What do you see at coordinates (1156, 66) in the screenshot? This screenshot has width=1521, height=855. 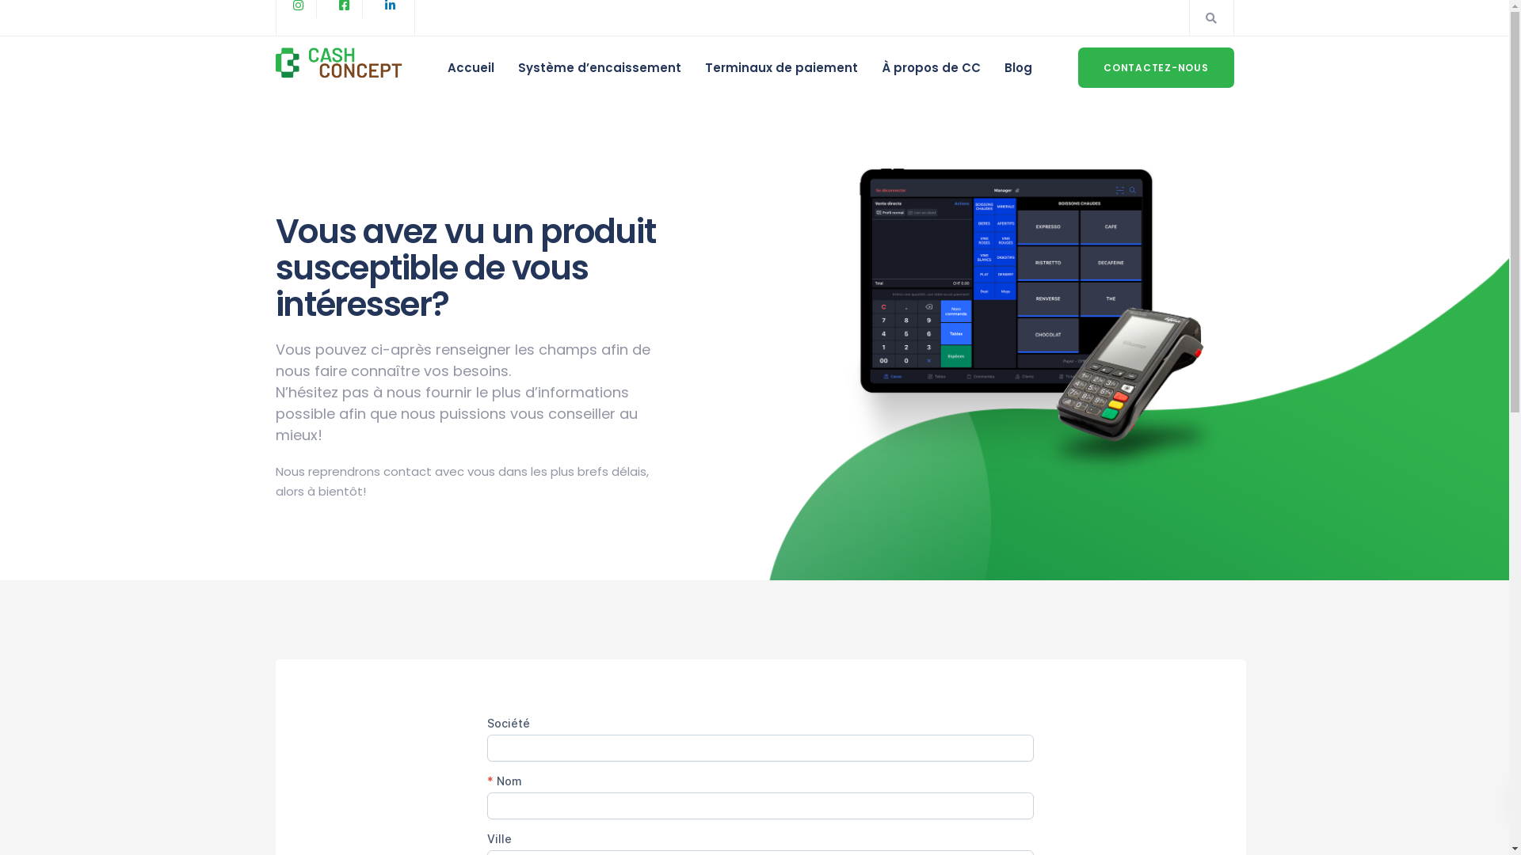 I see `'CONTACTEZ-NOUS'` at bounding box center [1156, 66].